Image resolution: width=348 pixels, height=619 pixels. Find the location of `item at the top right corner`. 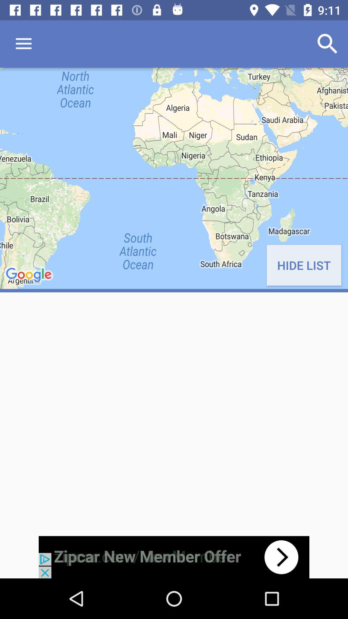

item at the top right corner is located at coordinates (328, 44).